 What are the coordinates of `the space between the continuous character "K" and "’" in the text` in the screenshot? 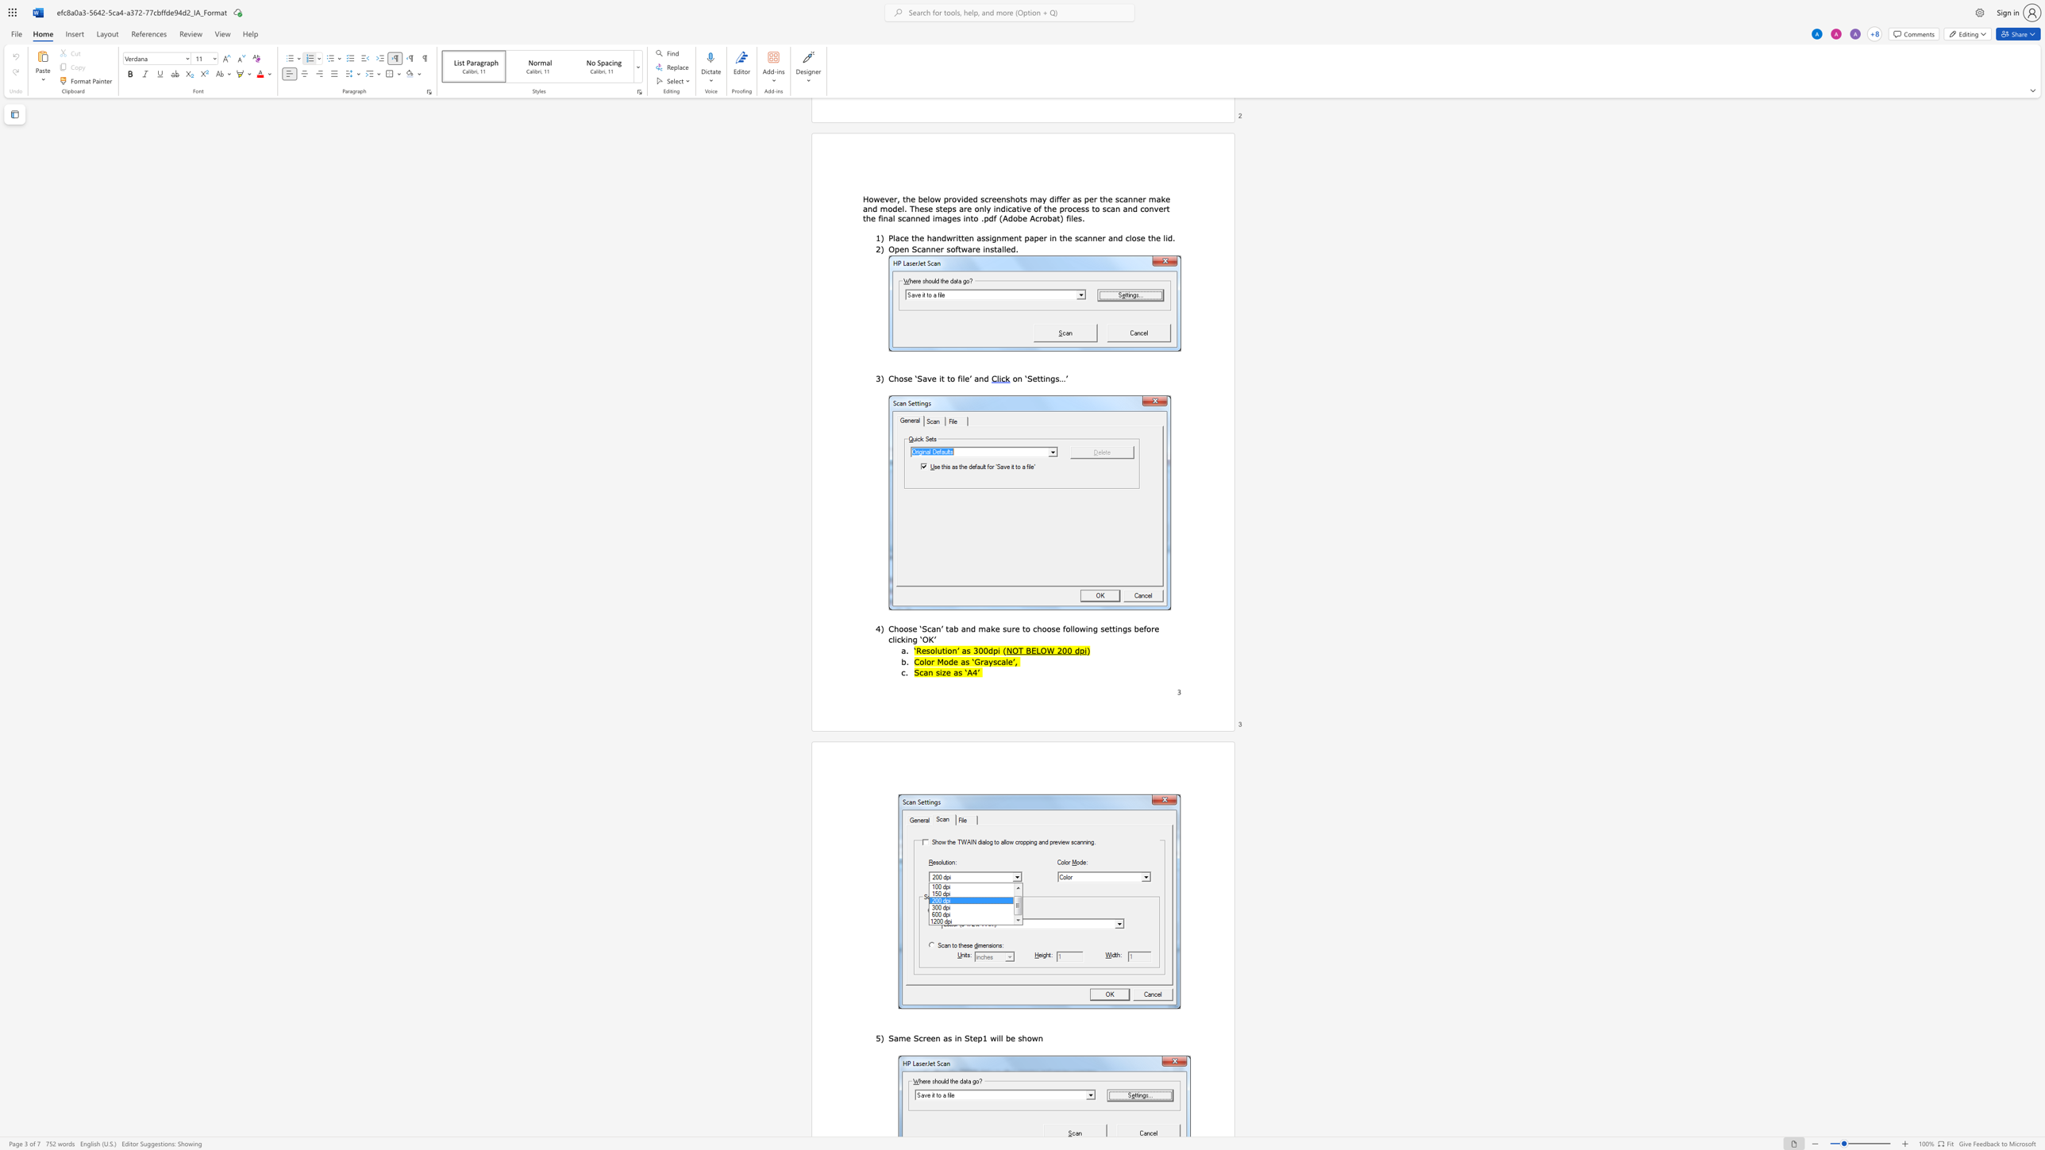 It's located at (933, 639).